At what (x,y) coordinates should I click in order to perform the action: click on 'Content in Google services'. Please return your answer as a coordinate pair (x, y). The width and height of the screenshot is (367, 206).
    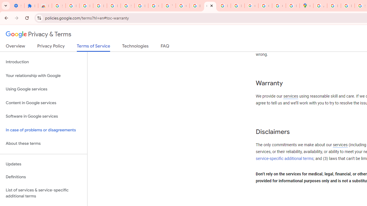
    Looking at the image, I should click on (43, 102).